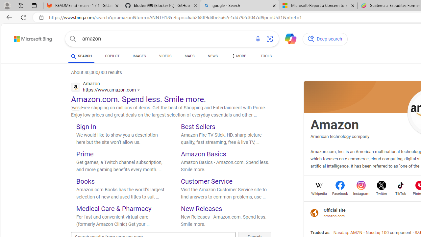 The width and height of the screenshot is (421, 237). Describe the element at coordinates (238, 56) in the screenshot. I see `'Dropdown Menu'` at that location.